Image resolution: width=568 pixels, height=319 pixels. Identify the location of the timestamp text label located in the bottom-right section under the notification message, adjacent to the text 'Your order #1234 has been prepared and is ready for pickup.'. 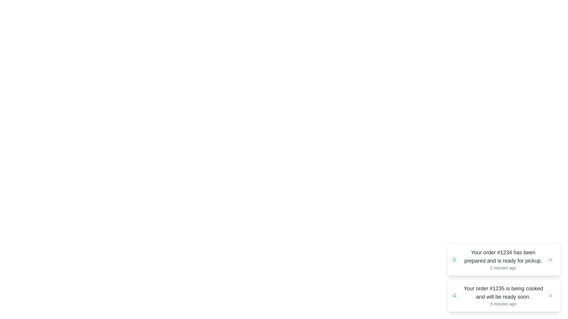
(503, 268).